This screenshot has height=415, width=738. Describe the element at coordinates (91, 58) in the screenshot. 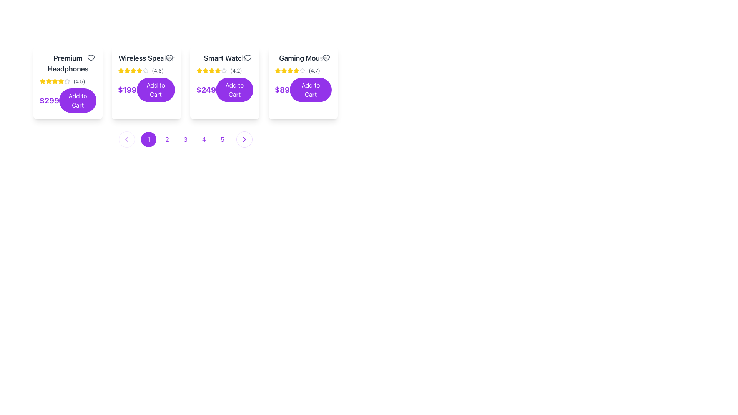

I see `the icon button in the top-right corner of the 'Premium Headphones' card` at that location.